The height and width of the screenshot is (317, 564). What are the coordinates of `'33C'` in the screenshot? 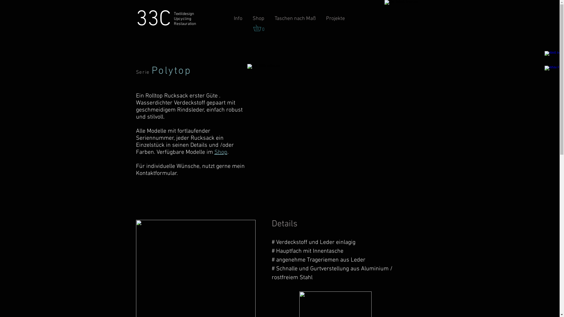 It's located at (153, 19).